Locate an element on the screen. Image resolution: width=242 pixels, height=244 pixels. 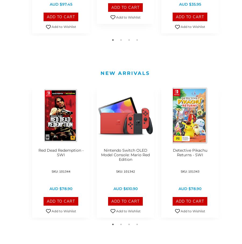
'Nintendo Switch OLED Model Console: Mario Red Edition' is located at coordinates (101, 154).